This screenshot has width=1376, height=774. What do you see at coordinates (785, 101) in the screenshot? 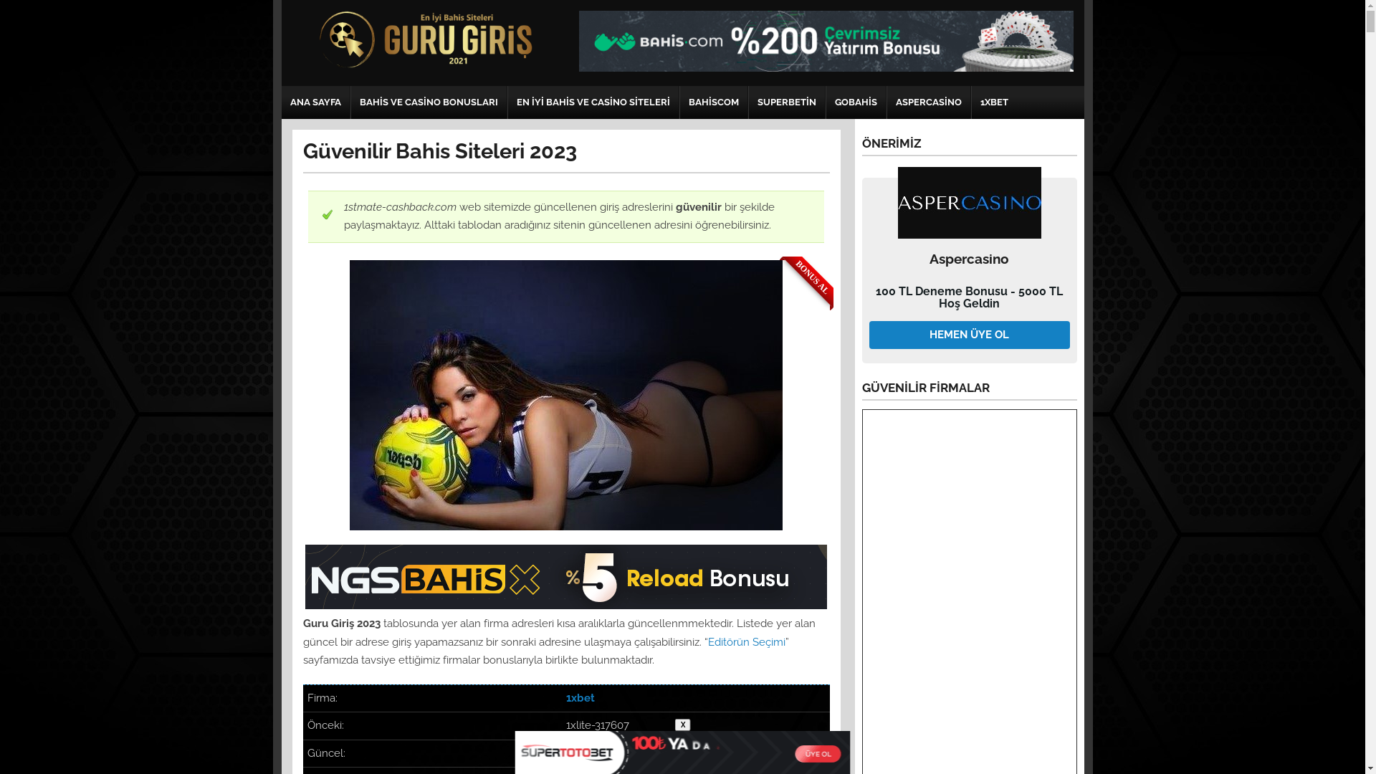
I see `'SUPERBETIN'` at bounding box center [785, 101].